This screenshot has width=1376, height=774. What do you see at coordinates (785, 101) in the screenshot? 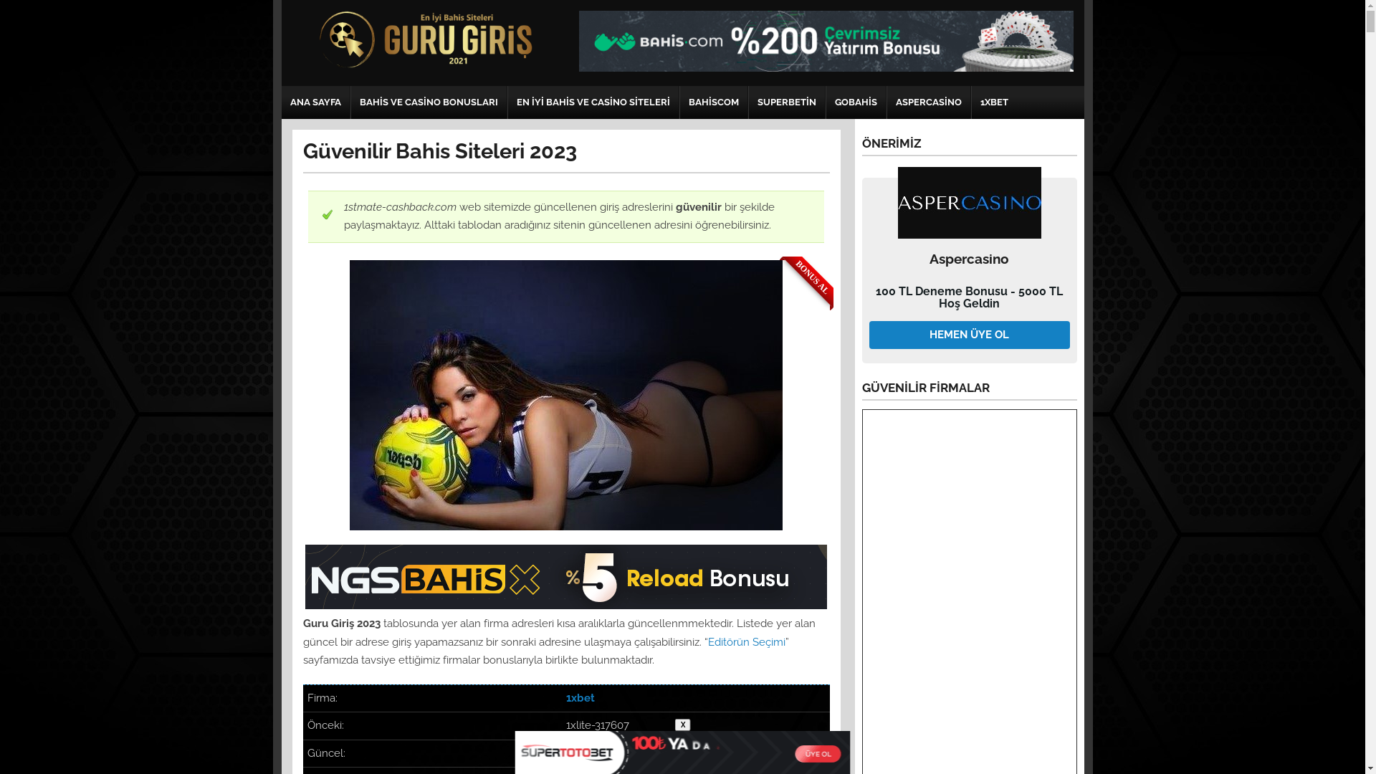
I see `'SUPERBETIN'` at bounding box center [785, 101].